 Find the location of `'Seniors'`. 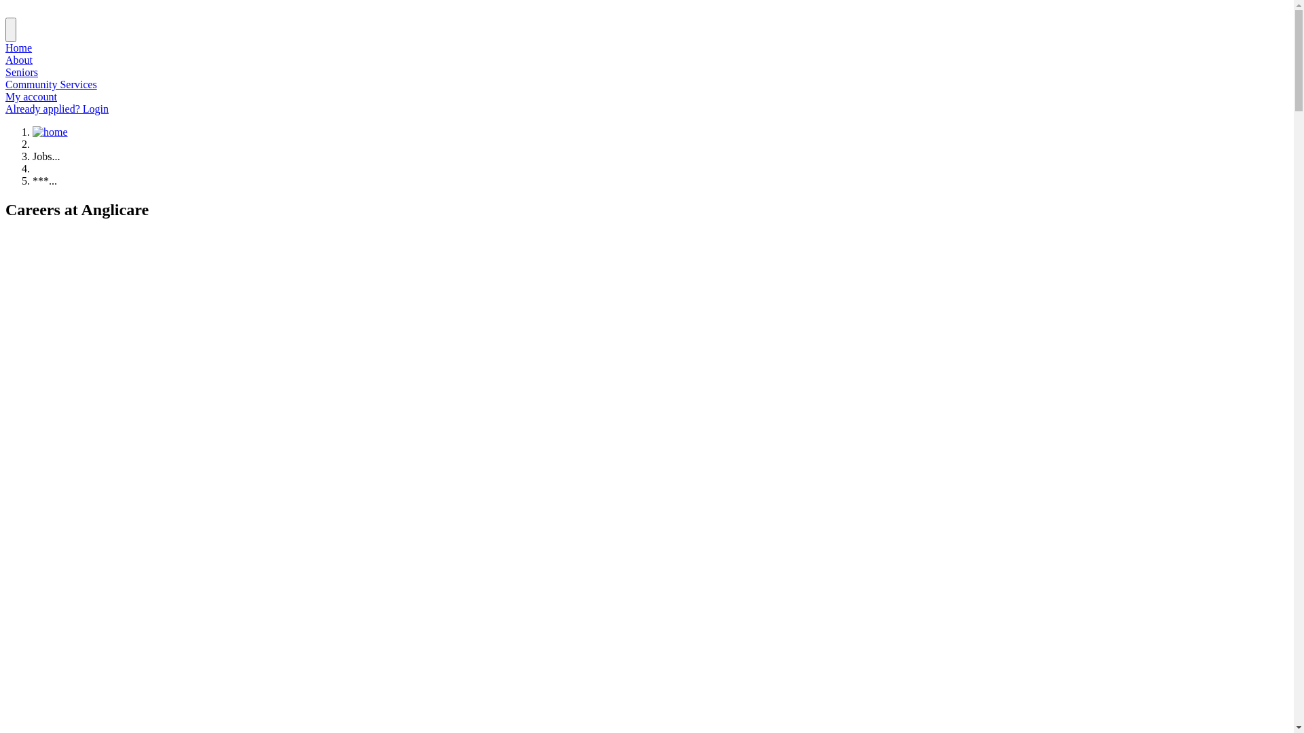

'Seniors' is located at coordinates (22, 72).